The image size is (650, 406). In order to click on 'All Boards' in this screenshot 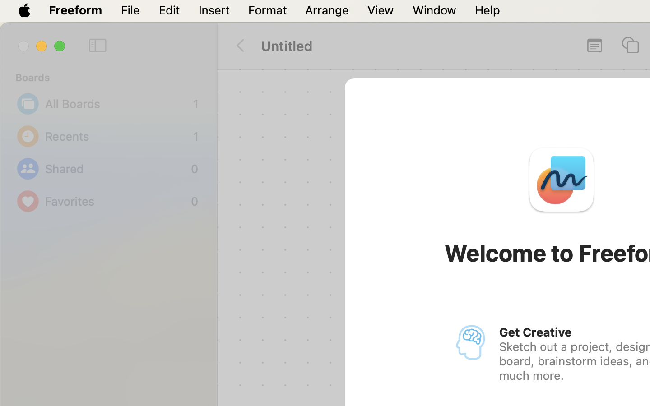, I will do `click(116, 103)`.